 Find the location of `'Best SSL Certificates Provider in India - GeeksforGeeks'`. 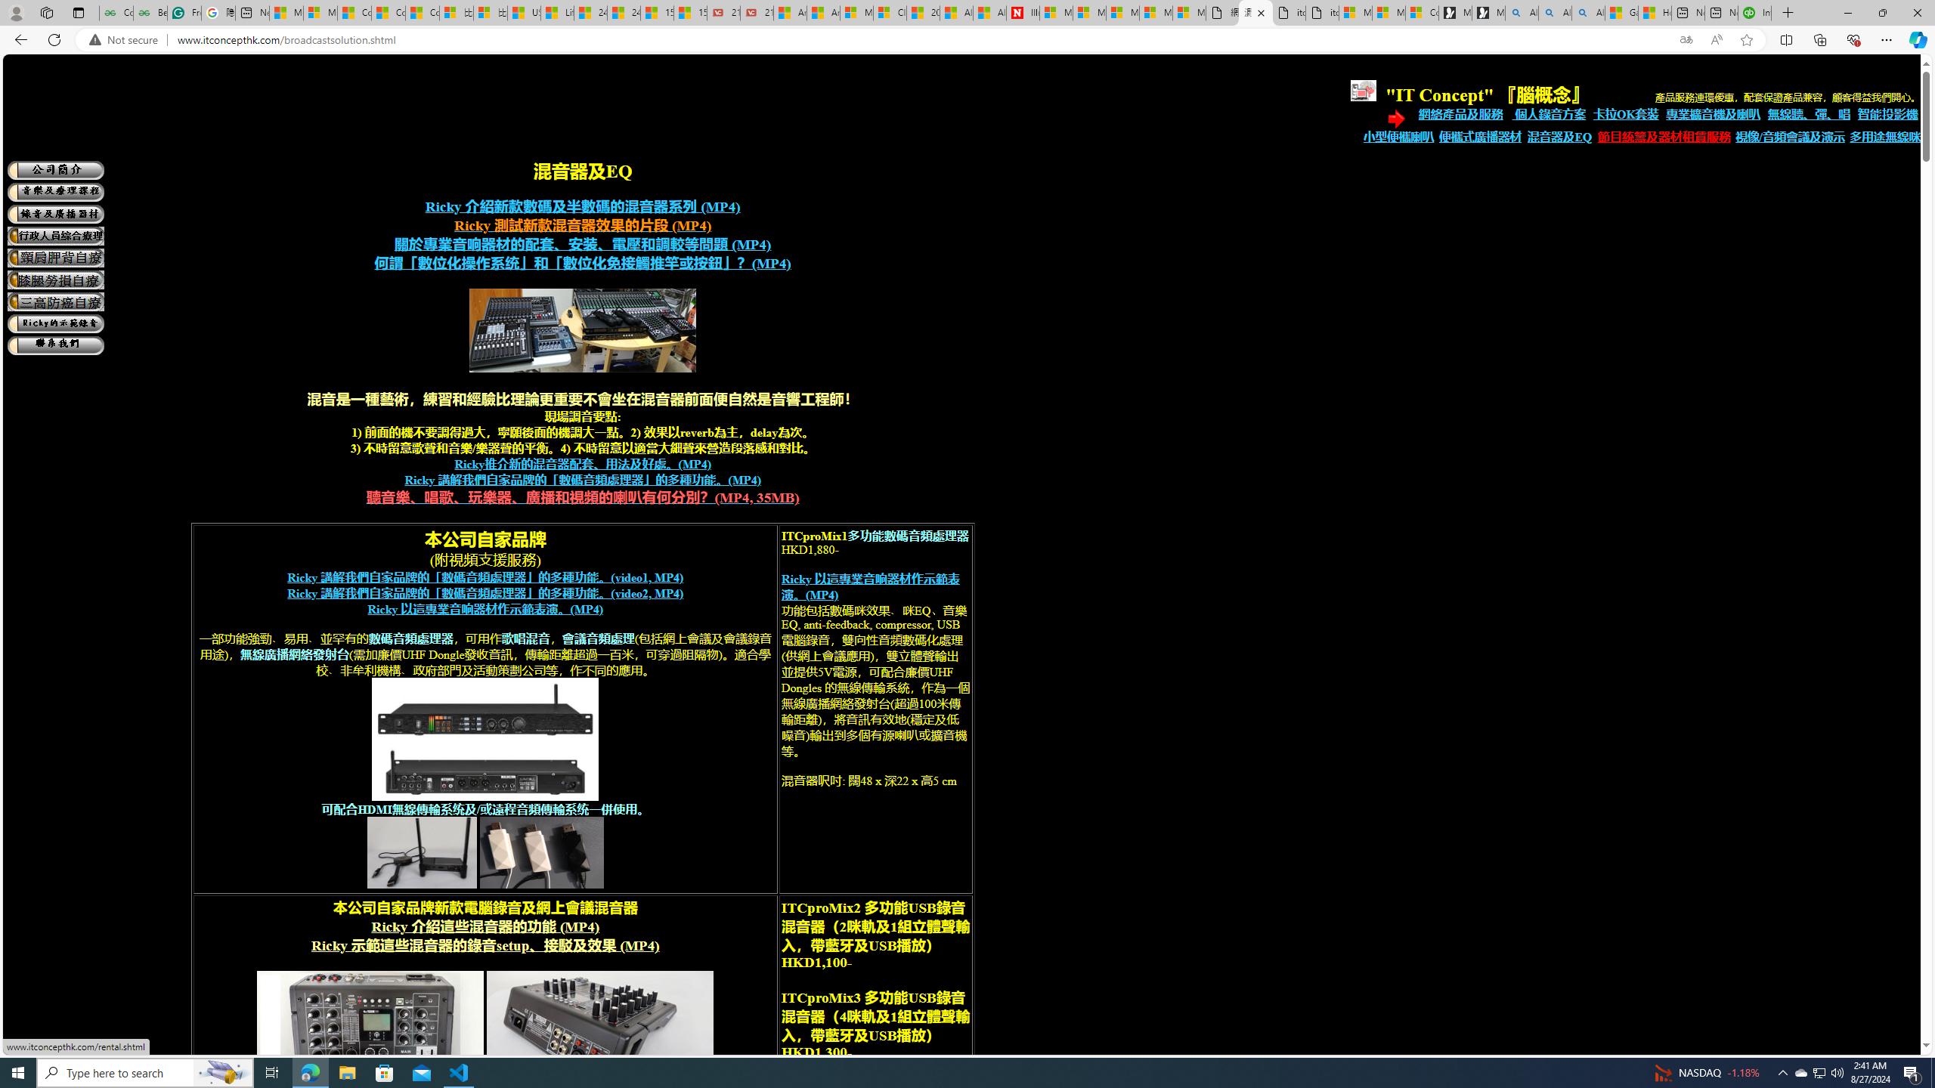

'Best SSL Certificates Provider in India - GeeksforGeeks' is located at coordinates (150, 12).